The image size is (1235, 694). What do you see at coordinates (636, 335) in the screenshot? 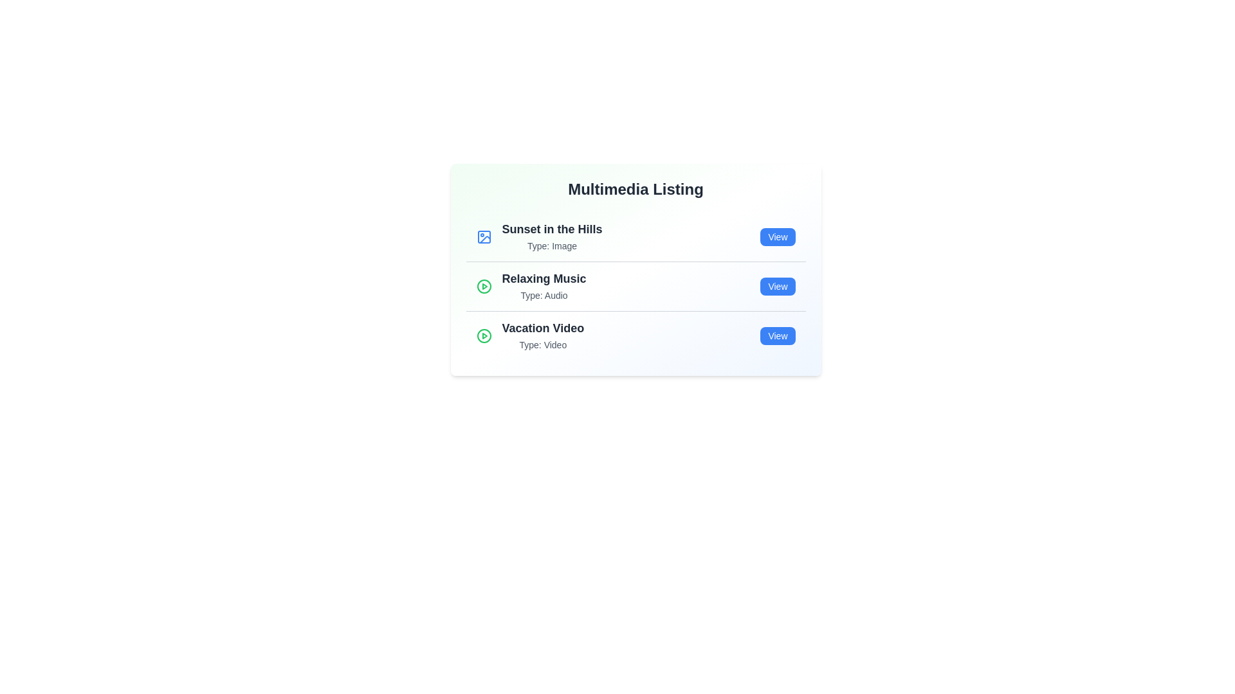
I see `the list item corresponding to Vacation Video` at bounding box center [636, 335].